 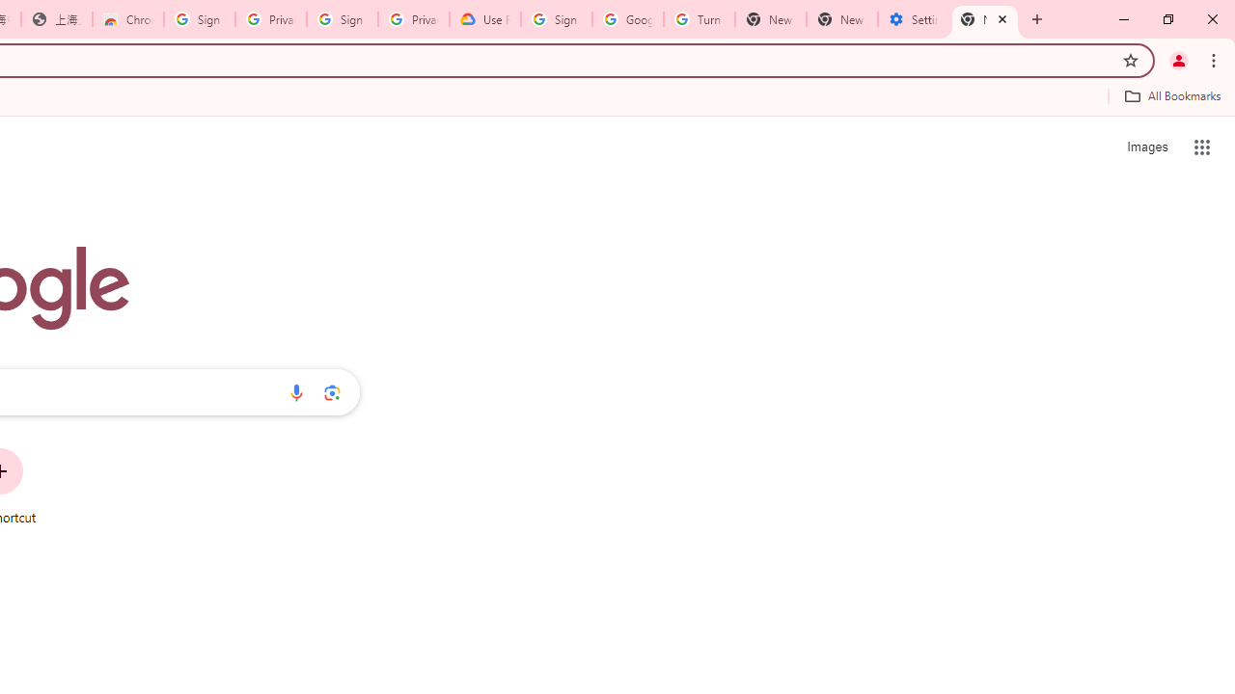 I want to click on 'Google Account Help', so click(x=628, y=19).